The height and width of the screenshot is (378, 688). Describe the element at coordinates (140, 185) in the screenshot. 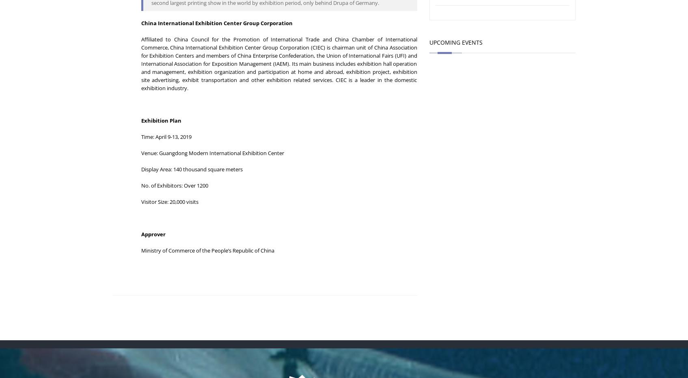

I see `'No. of Exhibitors: Over 1200'` at that location.